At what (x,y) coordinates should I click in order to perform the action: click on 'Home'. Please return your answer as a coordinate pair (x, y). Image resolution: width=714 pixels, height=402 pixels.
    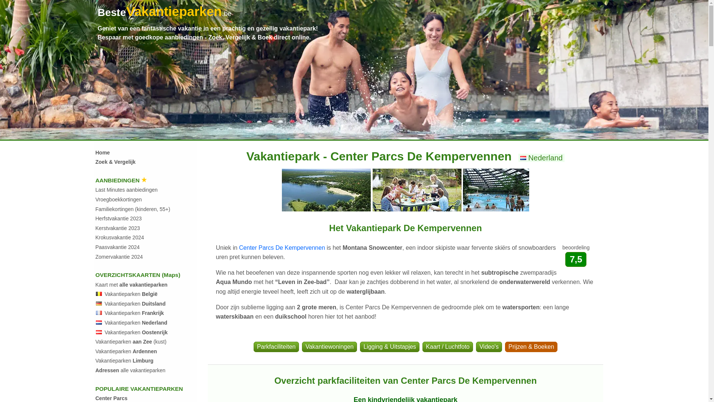
    Looking at the image, I should click on (102, 152).